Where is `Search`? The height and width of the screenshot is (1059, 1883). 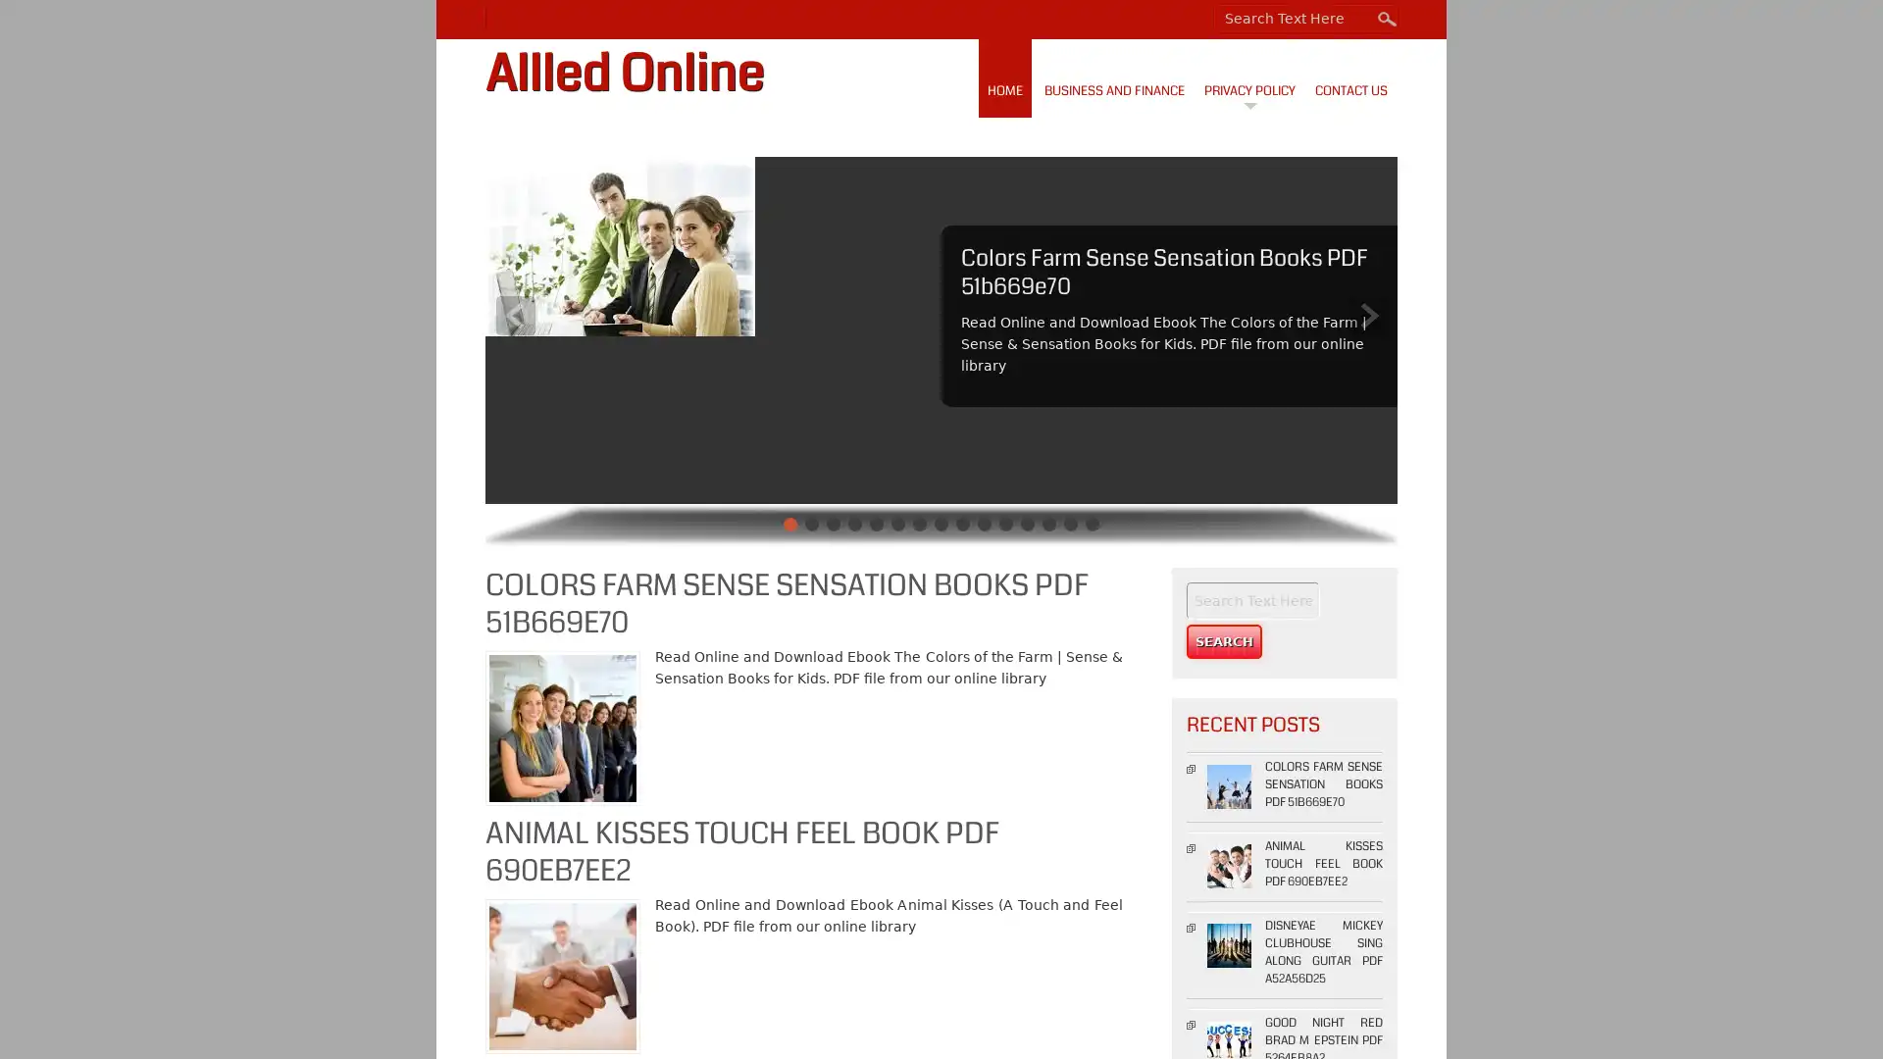
Search is located at coordinates (1223, 641).